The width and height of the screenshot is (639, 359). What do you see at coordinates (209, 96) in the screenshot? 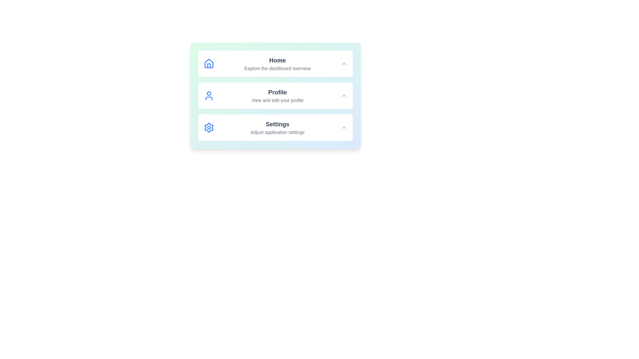
I see `the icon representing the Profile section` at bounding box center [209, 96].